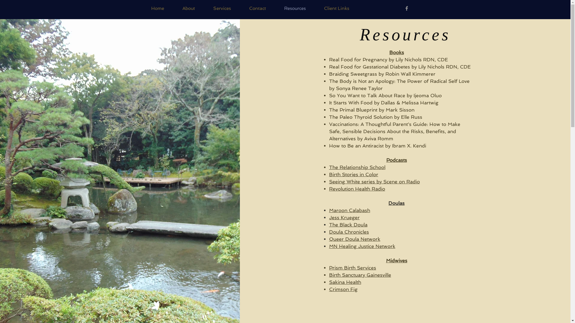 The image size is (575, 323). What do you see at coordinates (343, 289) in the screenshot?
I see `'Crimson Fig'` at bounding box center [343, 289].